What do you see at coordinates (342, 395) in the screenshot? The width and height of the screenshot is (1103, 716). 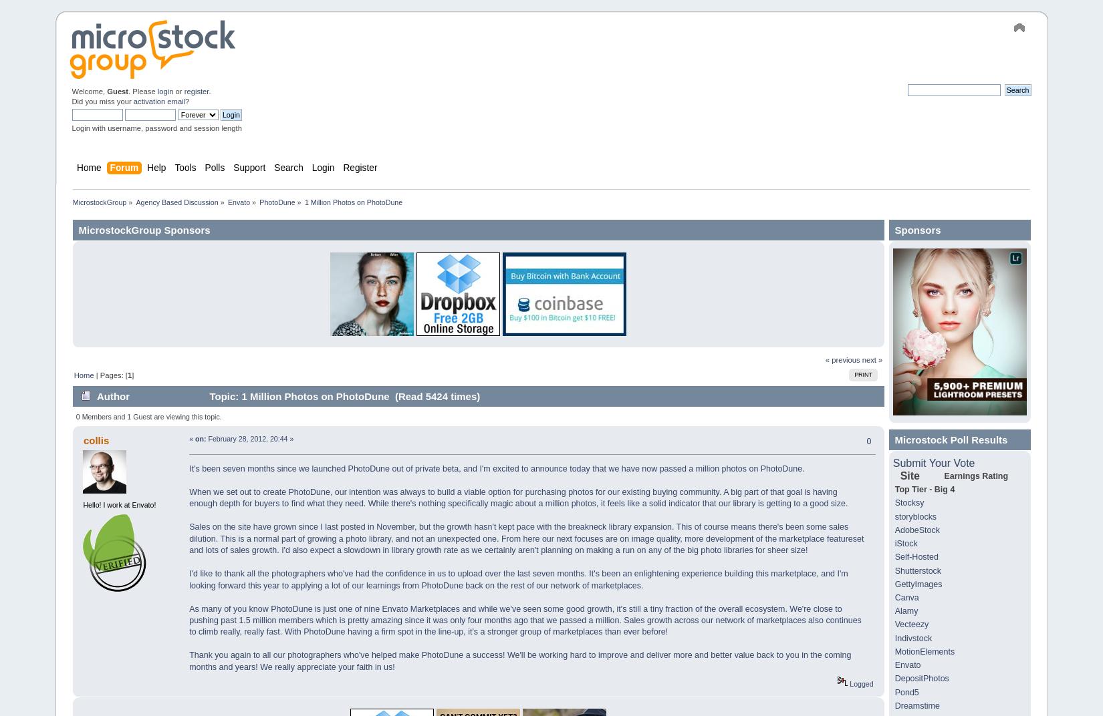 I see `'Topic: 1 Million Photos on PhotoDune  (Read 5424 times)'` at bounding box center [342, 395].